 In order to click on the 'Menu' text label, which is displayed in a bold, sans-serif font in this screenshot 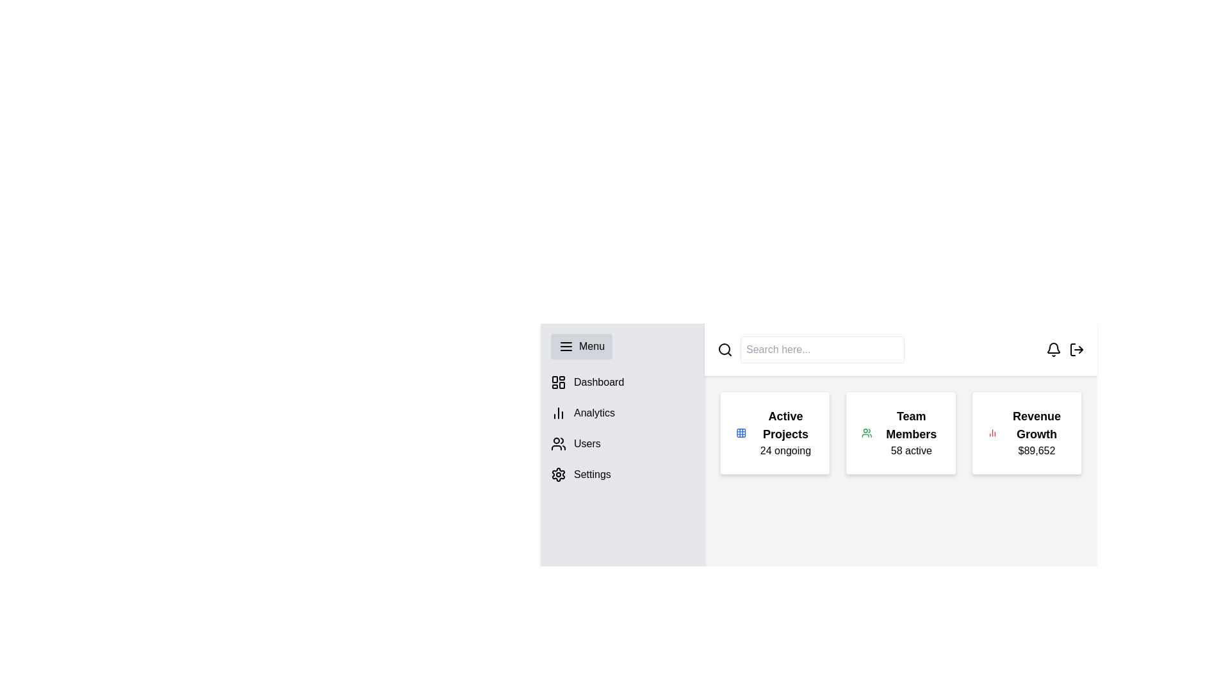, I will do `click(591, 346)`.